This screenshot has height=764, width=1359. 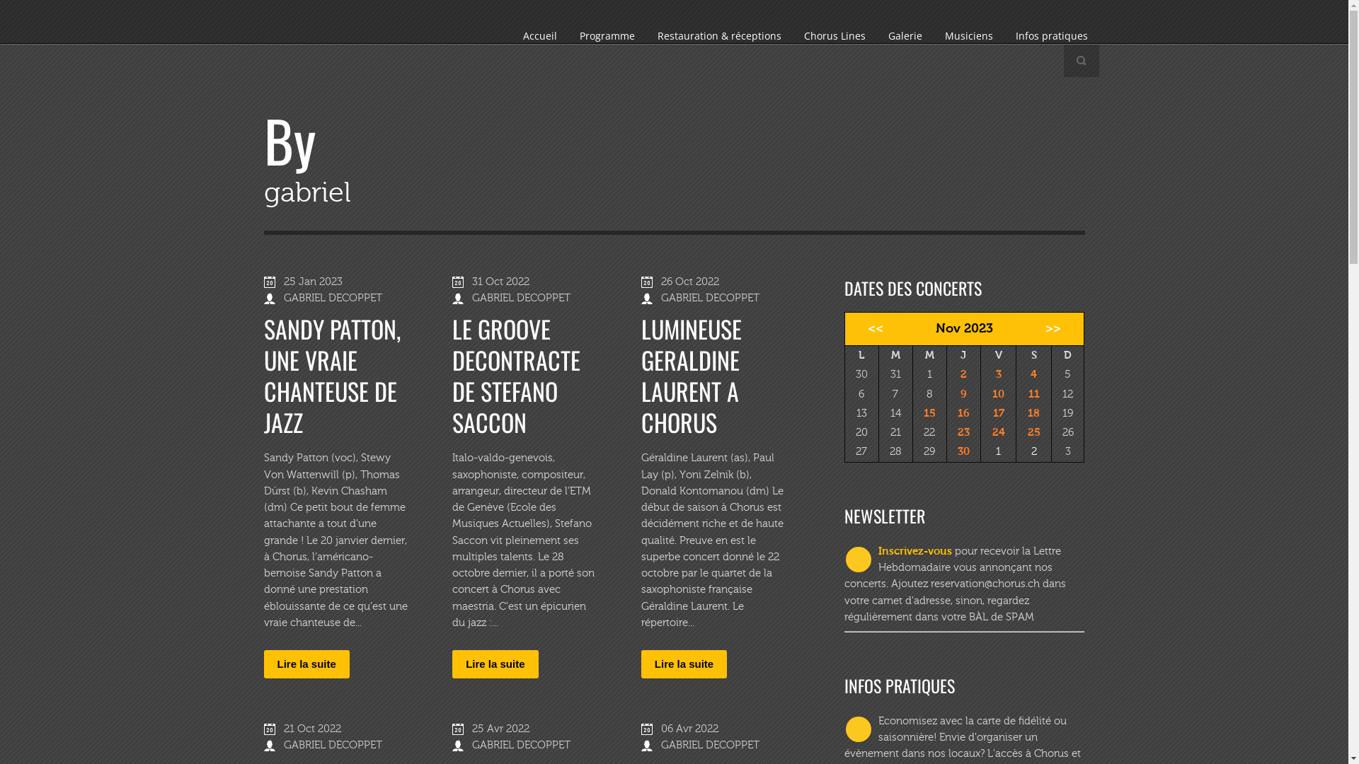 I want to click on '24', so click(x=998, y=431).